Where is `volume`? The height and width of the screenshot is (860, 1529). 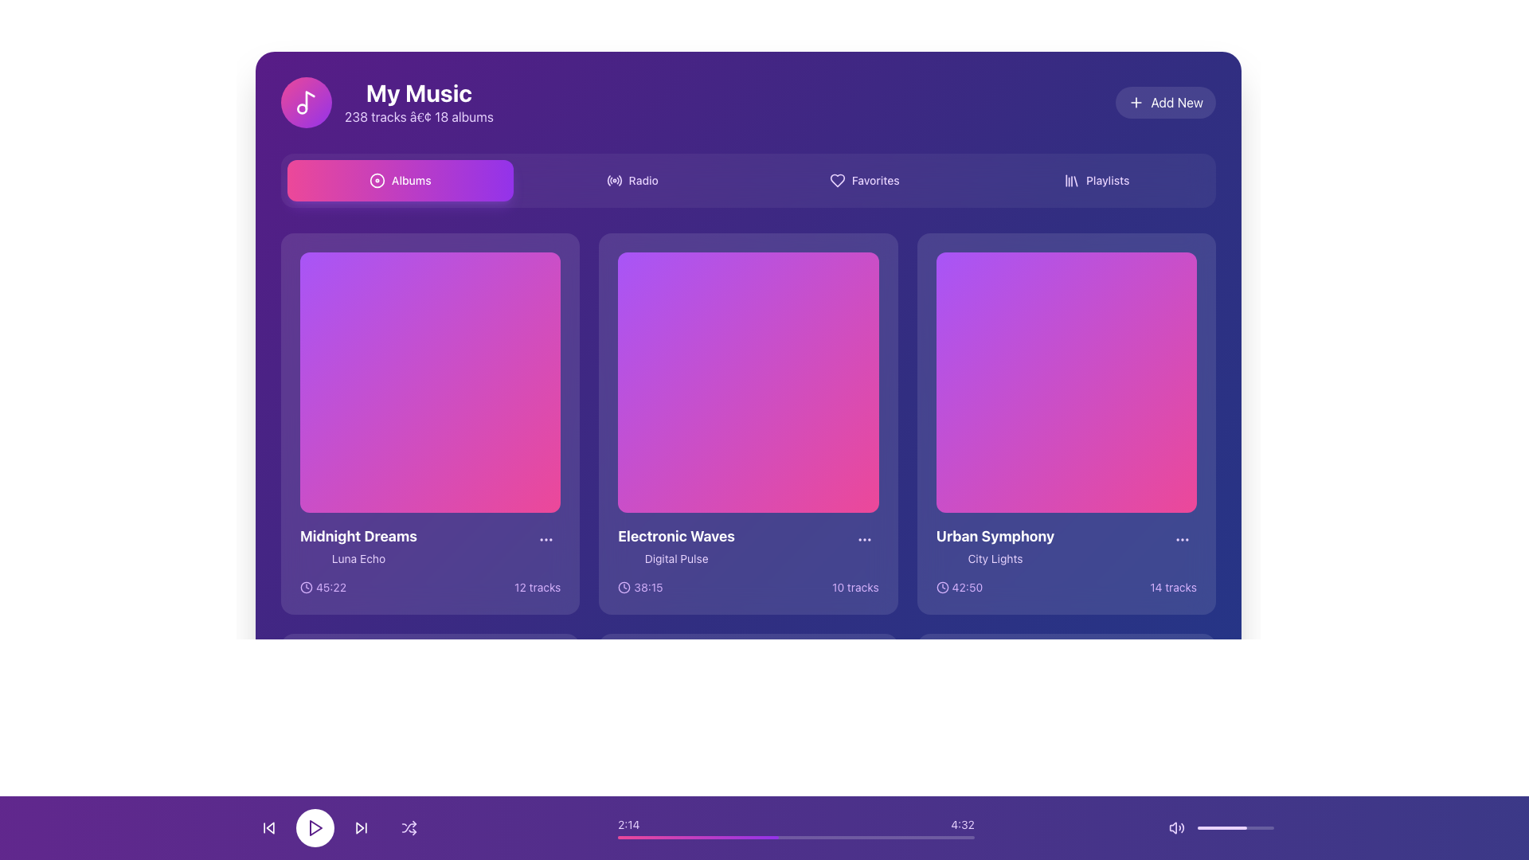 volume is located at coordinates (1233, 827).